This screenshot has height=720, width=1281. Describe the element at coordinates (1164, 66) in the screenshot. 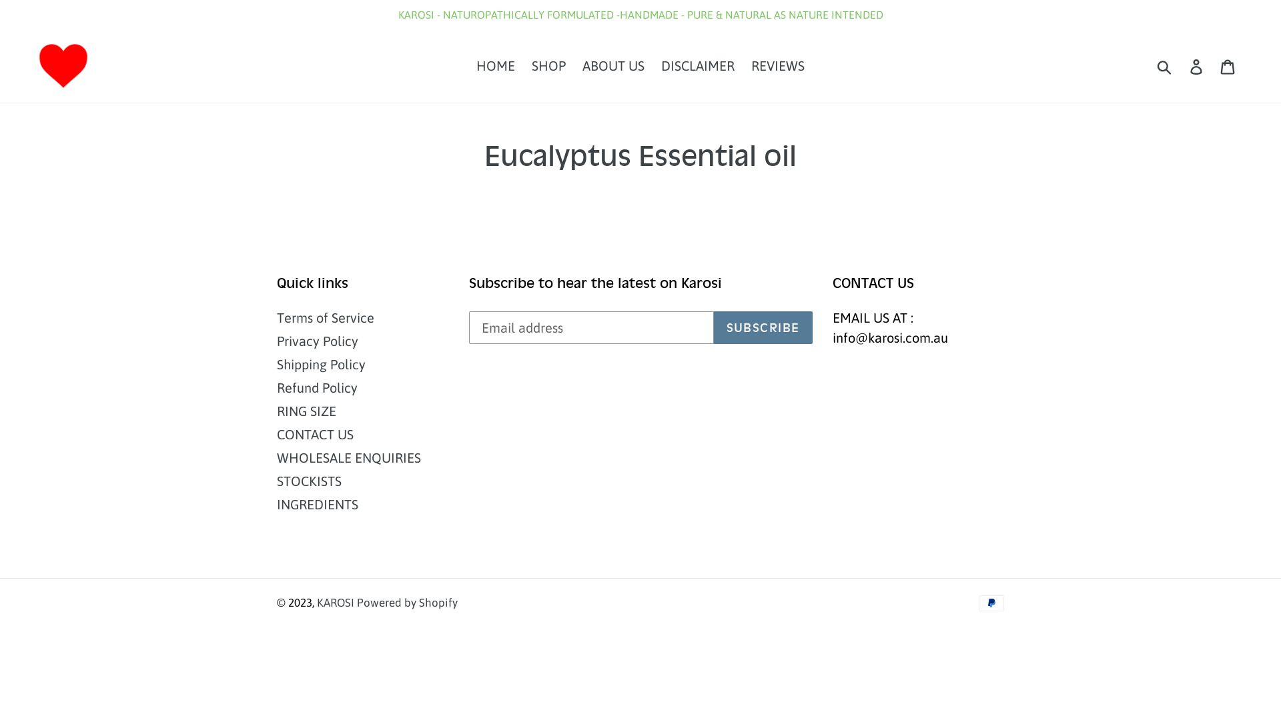

I see `'Submit'` at that location.